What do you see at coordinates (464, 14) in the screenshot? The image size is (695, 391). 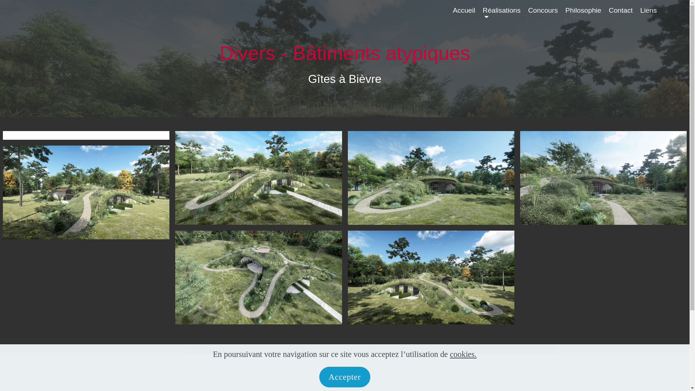 I see `'Accueil'` at bounding box center [464, 14].